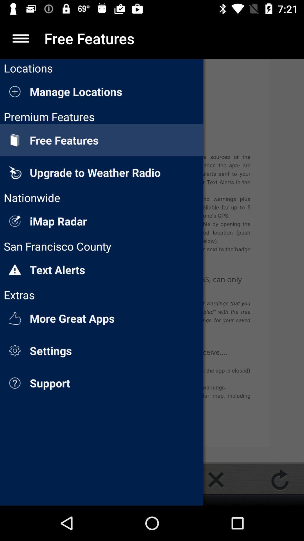 This screenshot has width=304, height=541. Describe the element at coordinates (280, 480) in the screenshot. I see `click the option to reload the page` at that location.